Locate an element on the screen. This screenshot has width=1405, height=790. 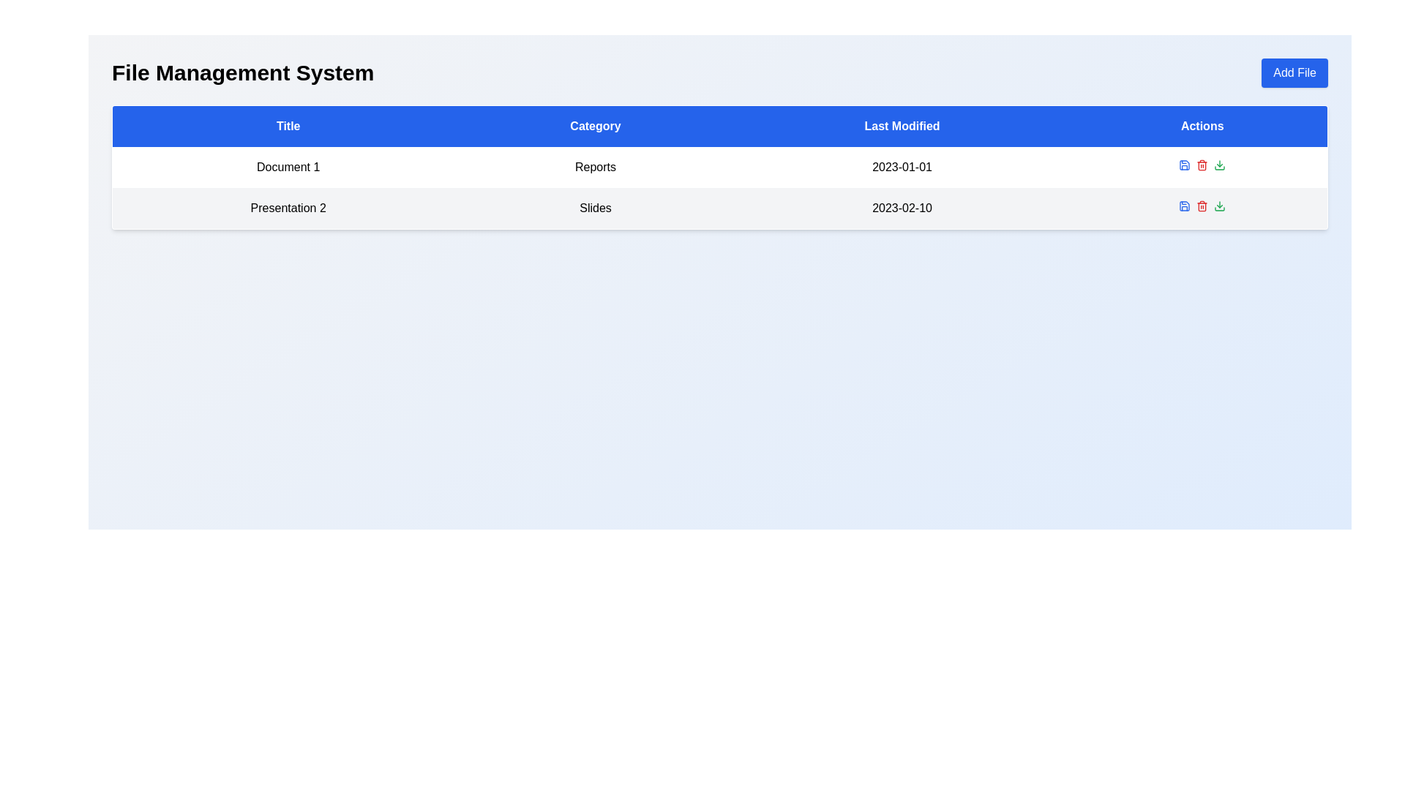
the green download icon located in the 'Actions' column of the table, which is the third icon from the left in the horizontal group of action icons is located at coordinates (1220, 206).